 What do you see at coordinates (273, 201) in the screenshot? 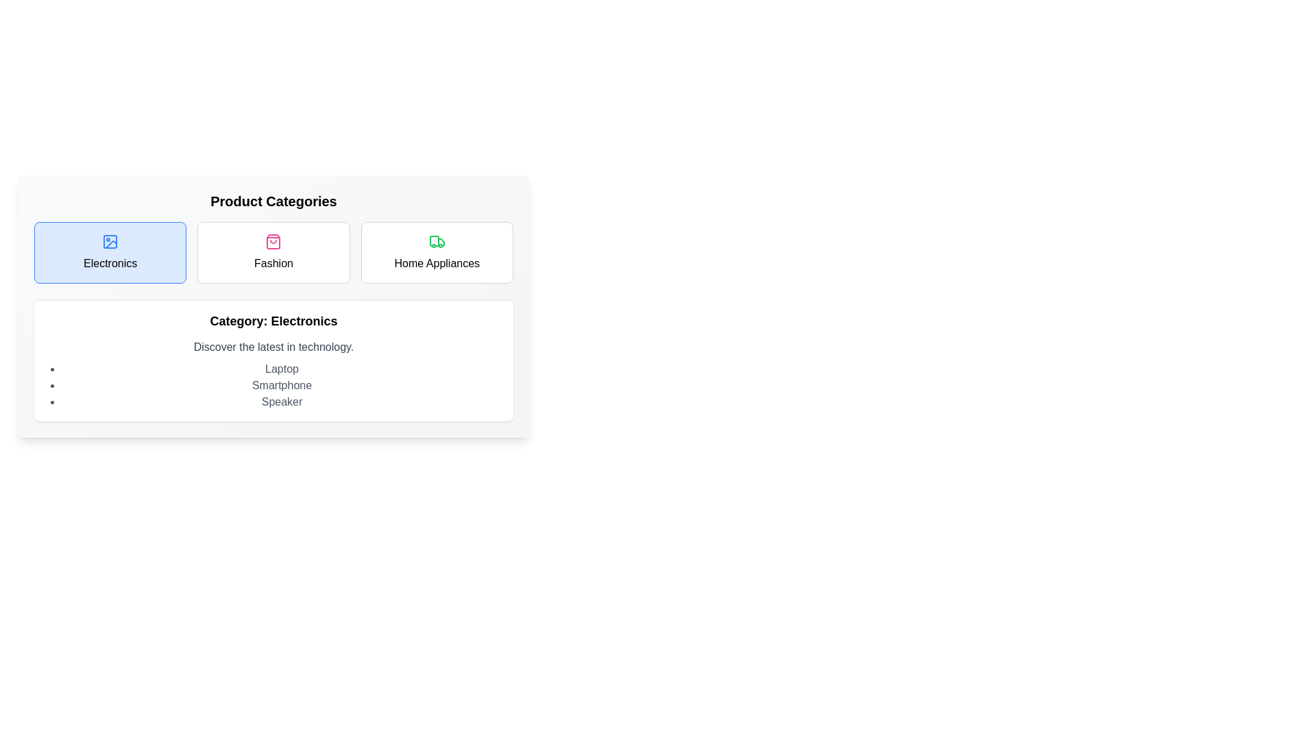
I see `the 'Product Categories' text label, which is displayed in bold and large font at the top of its card-like structure` at bounding box center [273, 201].